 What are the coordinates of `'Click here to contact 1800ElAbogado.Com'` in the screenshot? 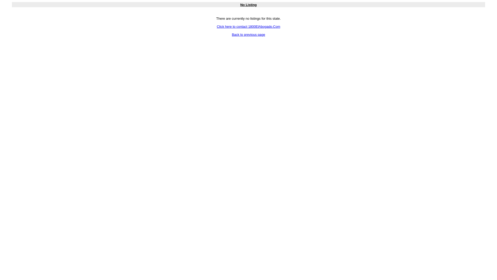 It's located at (248, 26).